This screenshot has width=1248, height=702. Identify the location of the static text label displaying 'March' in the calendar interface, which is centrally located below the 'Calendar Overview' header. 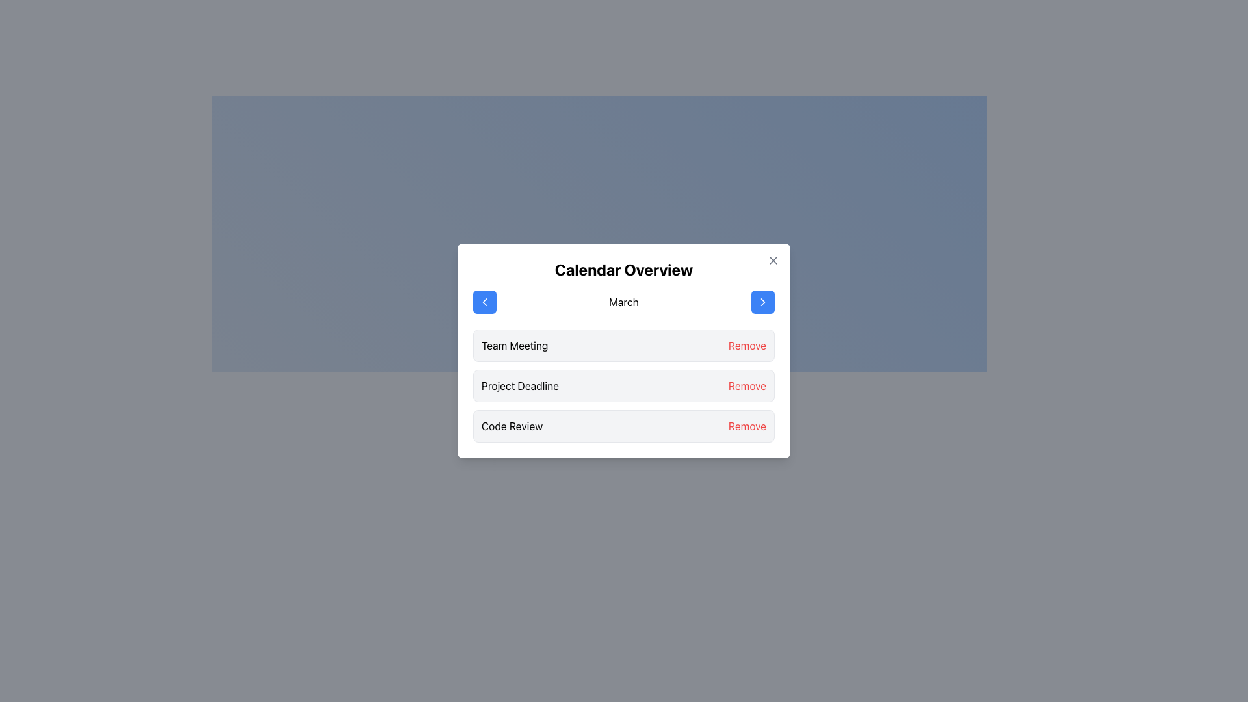
(624, 302).